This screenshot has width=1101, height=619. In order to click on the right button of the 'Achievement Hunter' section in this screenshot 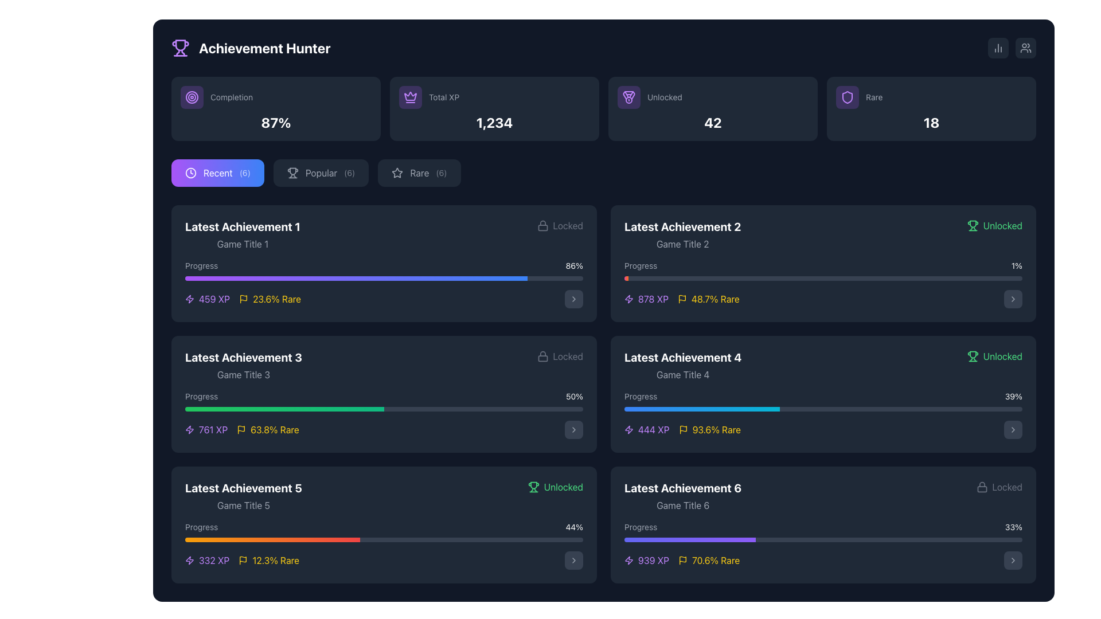, I will do `click(1012, 48)`.